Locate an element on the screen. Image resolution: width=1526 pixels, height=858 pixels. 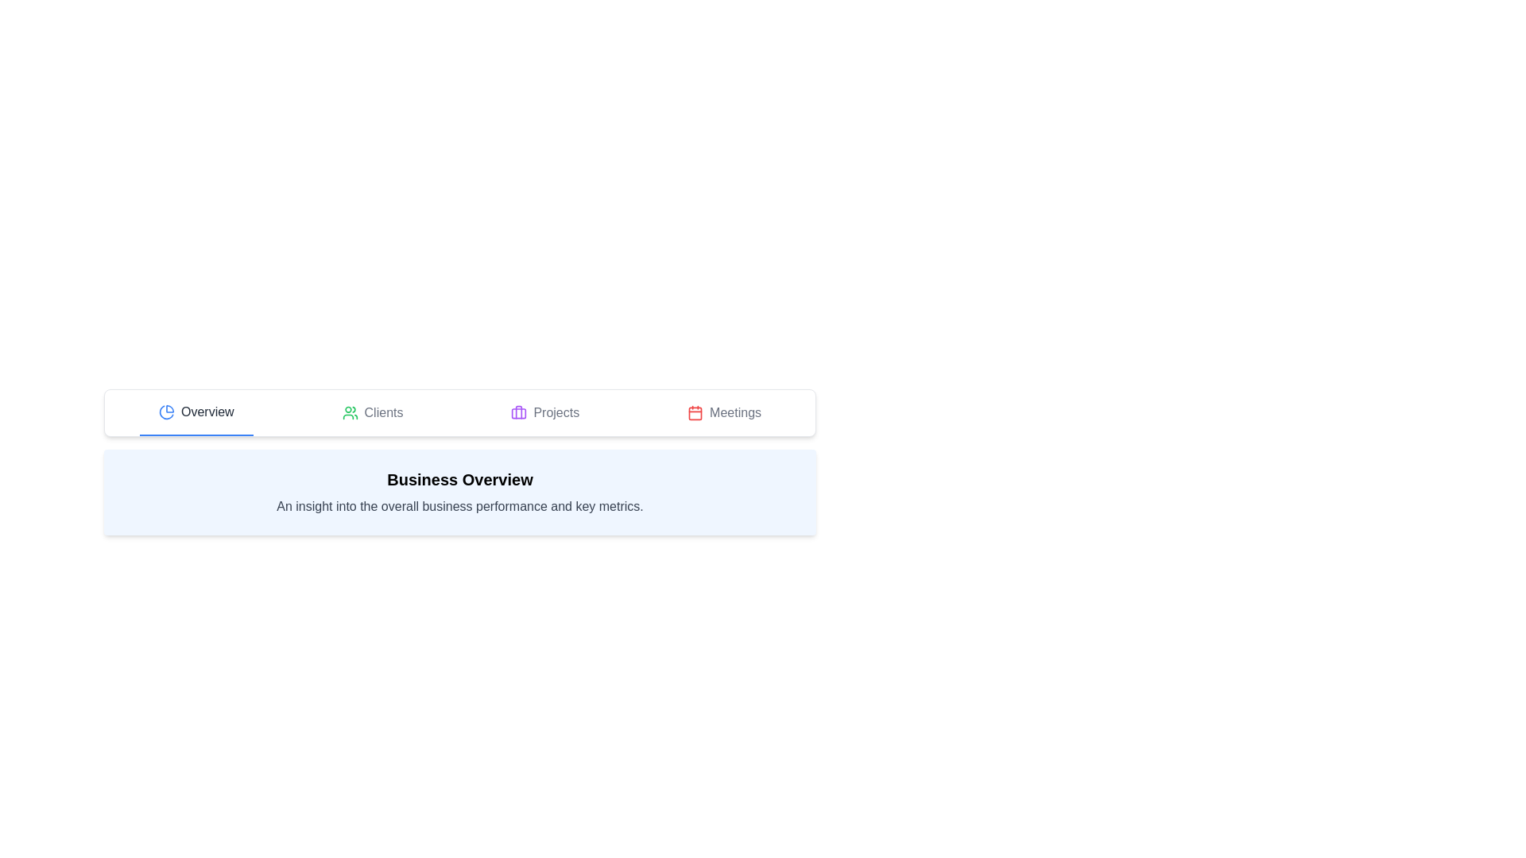
the 'Clients' tab icon, which serves as an indicator for visual identification in the navigation bar is located at coordinates (349, 412).